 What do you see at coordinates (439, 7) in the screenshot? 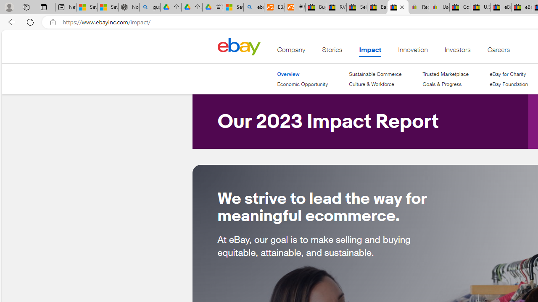
I see `'User Privacy Notice | eBay'` at bounding box center [439, 7].